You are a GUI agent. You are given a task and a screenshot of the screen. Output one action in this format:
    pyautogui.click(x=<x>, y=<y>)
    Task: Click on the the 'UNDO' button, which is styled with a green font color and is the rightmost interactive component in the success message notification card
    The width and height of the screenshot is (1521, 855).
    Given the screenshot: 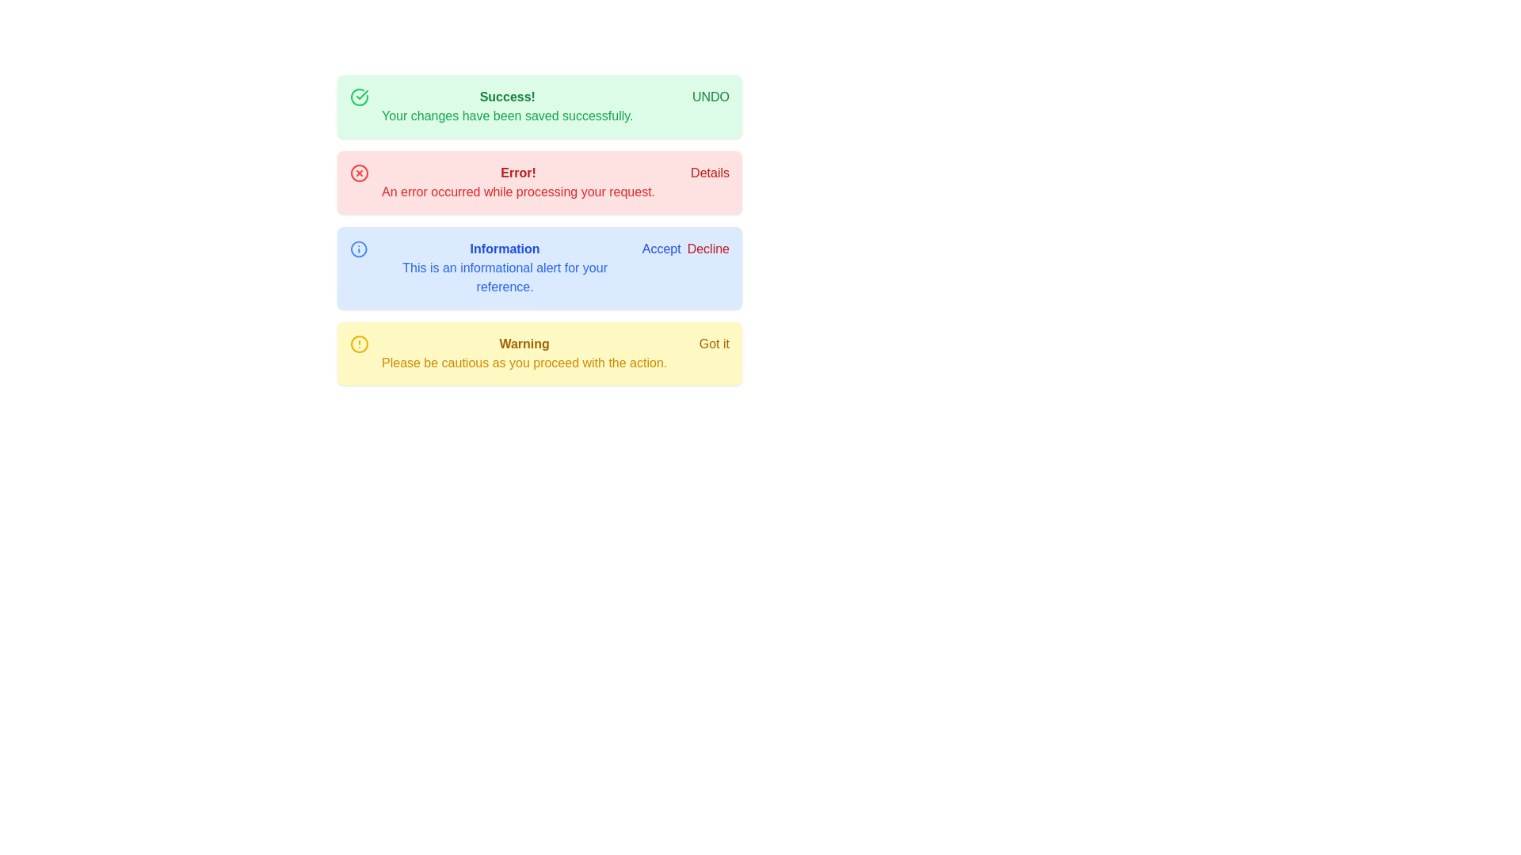 What is the action you would take?
    pyautogui.click(x=710, y=97)
    